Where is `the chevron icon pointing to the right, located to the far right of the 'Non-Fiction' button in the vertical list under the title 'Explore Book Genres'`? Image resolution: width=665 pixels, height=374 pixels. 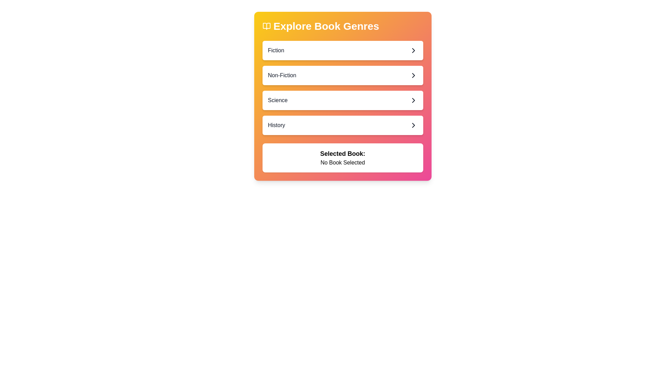 the chevron icon pointing to the right, located to the far right of the 'Non-Fiction' button in the vertical list under the title 'Explore Book Genres' is located at coordinates (413, 75).